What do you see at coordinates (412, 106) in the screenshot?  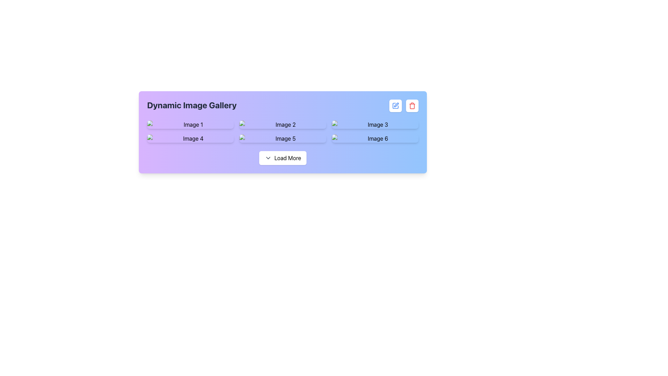 I see `the small square button with a white background and a red trashcan icon` at bounding box center [412, 106].